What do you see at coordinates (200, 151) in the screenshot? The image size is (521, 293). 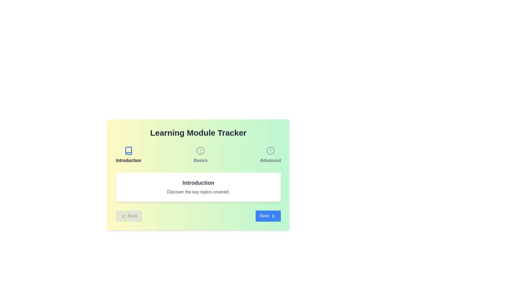 I see `the circular graphical element within the 'Basics' SVG icon, which serves as an informational alert indicator` at bounding box center [200, 151].